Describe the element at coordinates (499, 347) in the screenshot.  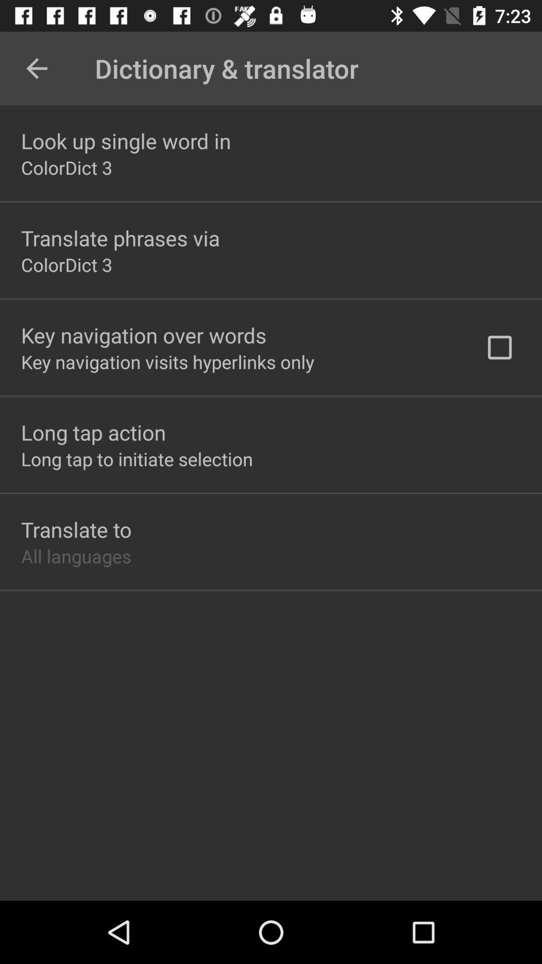
I see `check box at right middle` at that location.